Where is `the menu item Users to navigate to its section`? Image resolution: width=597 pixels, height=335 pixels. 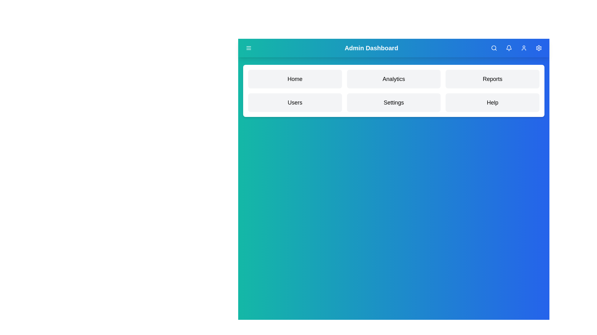 the menu item Users to navigate to its section is located at coordinates (294, 102).